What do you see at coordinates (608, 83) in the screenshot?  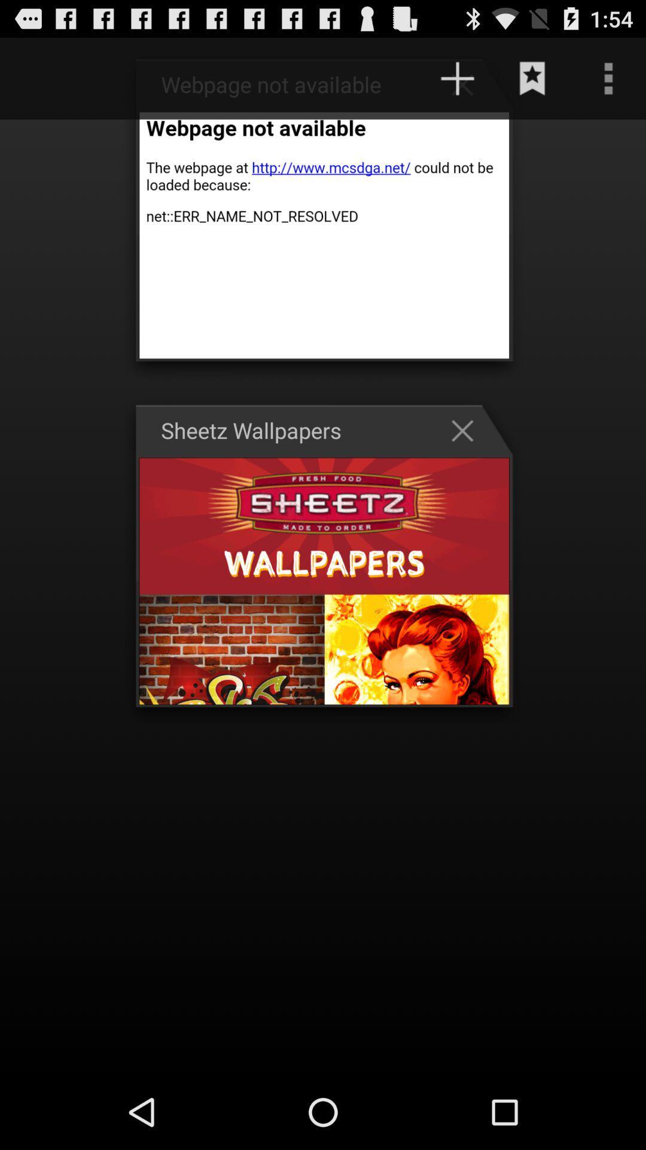 I see `the more icon` at bounding box center [608, 83].